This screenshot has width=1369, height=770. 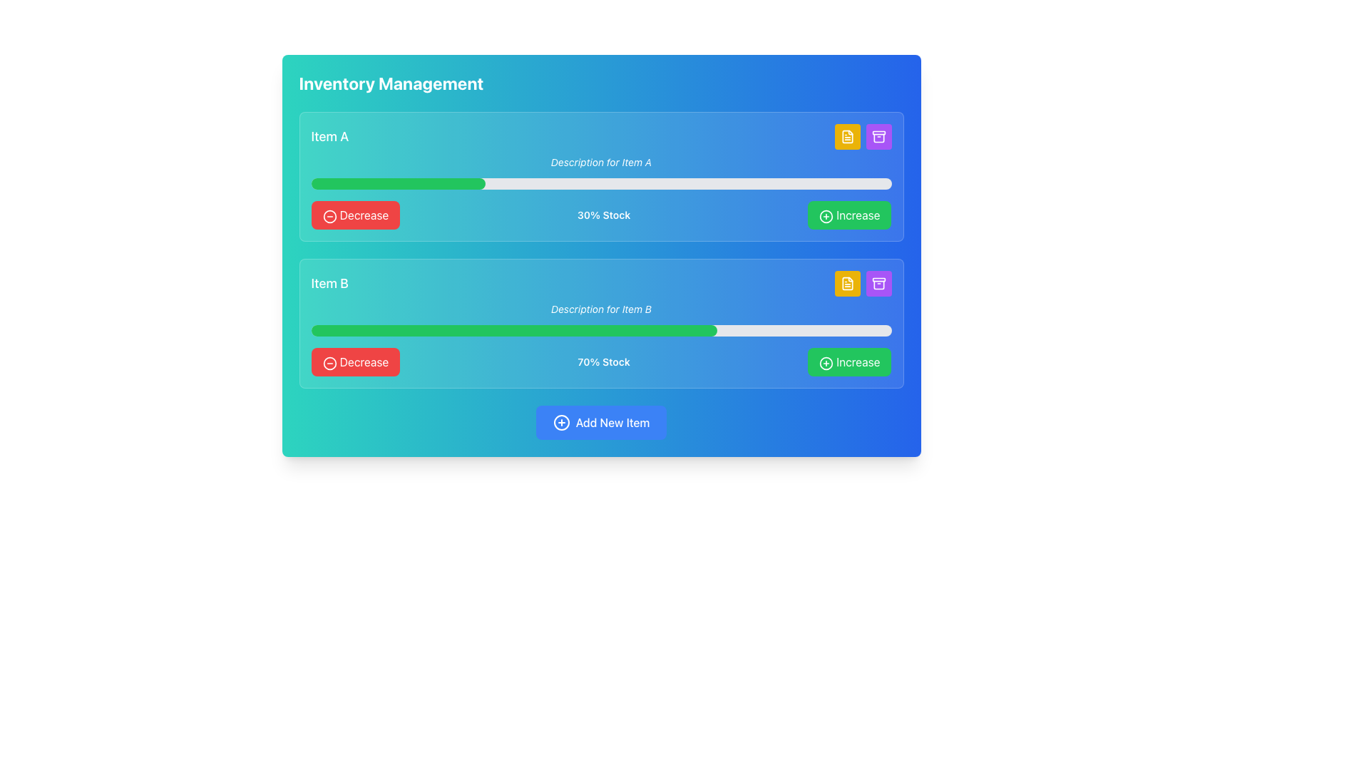 What do you see at coordinates (398, 183) in the screenshot?
I see `the green horizontal progress bar located below the text 'Description for Item A', which indicates around 30% completion` at bounding box center [398, 183].